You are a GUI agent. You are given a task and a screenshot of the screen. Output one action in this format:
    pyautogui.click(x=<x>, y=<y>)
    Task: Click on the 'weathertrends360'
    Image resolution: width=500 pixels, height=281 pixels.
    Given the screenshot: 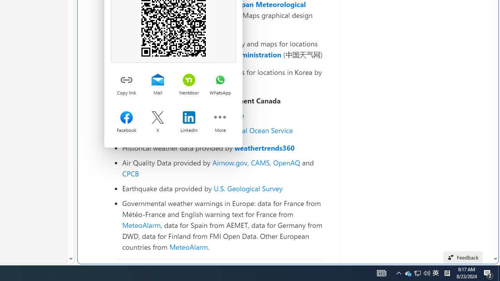 What is the action you would take?
    pyautogui.click(x=264, y=148)
    